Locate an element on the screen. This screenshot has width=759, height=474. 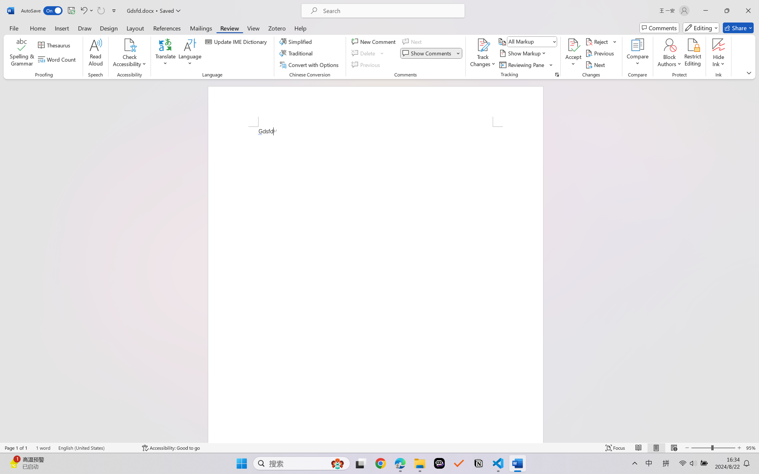
'Hide Ink' is located at coordinates (719, 53).